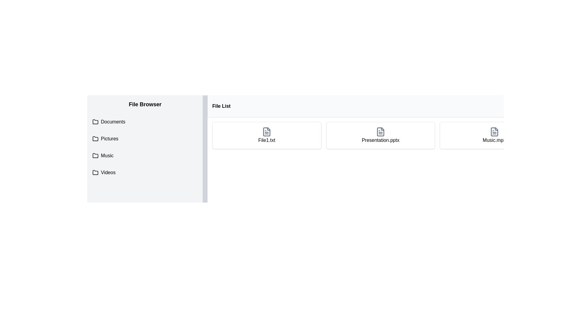  Describe the element at coordinates (107, 155) in the screenshot. I see `the 'Music' text label` at that location.